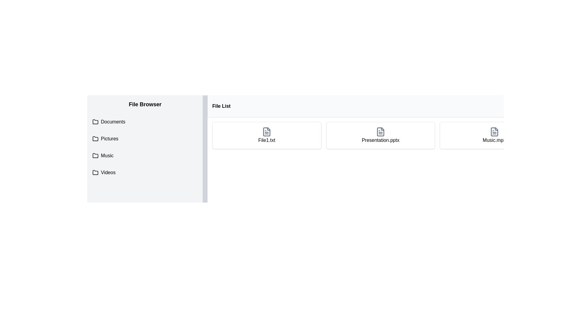  Describe the element at coordinates (107, 155) in the screenshot. I see `the 'Music' text label` at that location.